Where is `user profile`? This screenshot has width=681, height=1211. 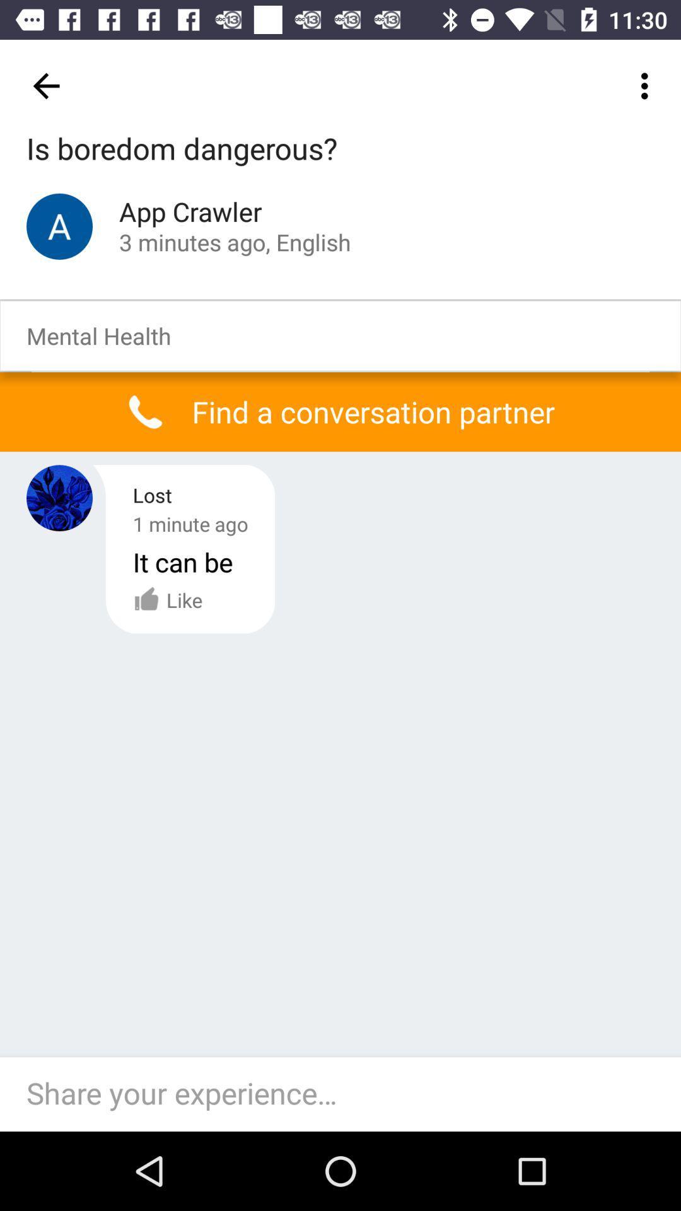 user profile is located at coordinates (59, 497).